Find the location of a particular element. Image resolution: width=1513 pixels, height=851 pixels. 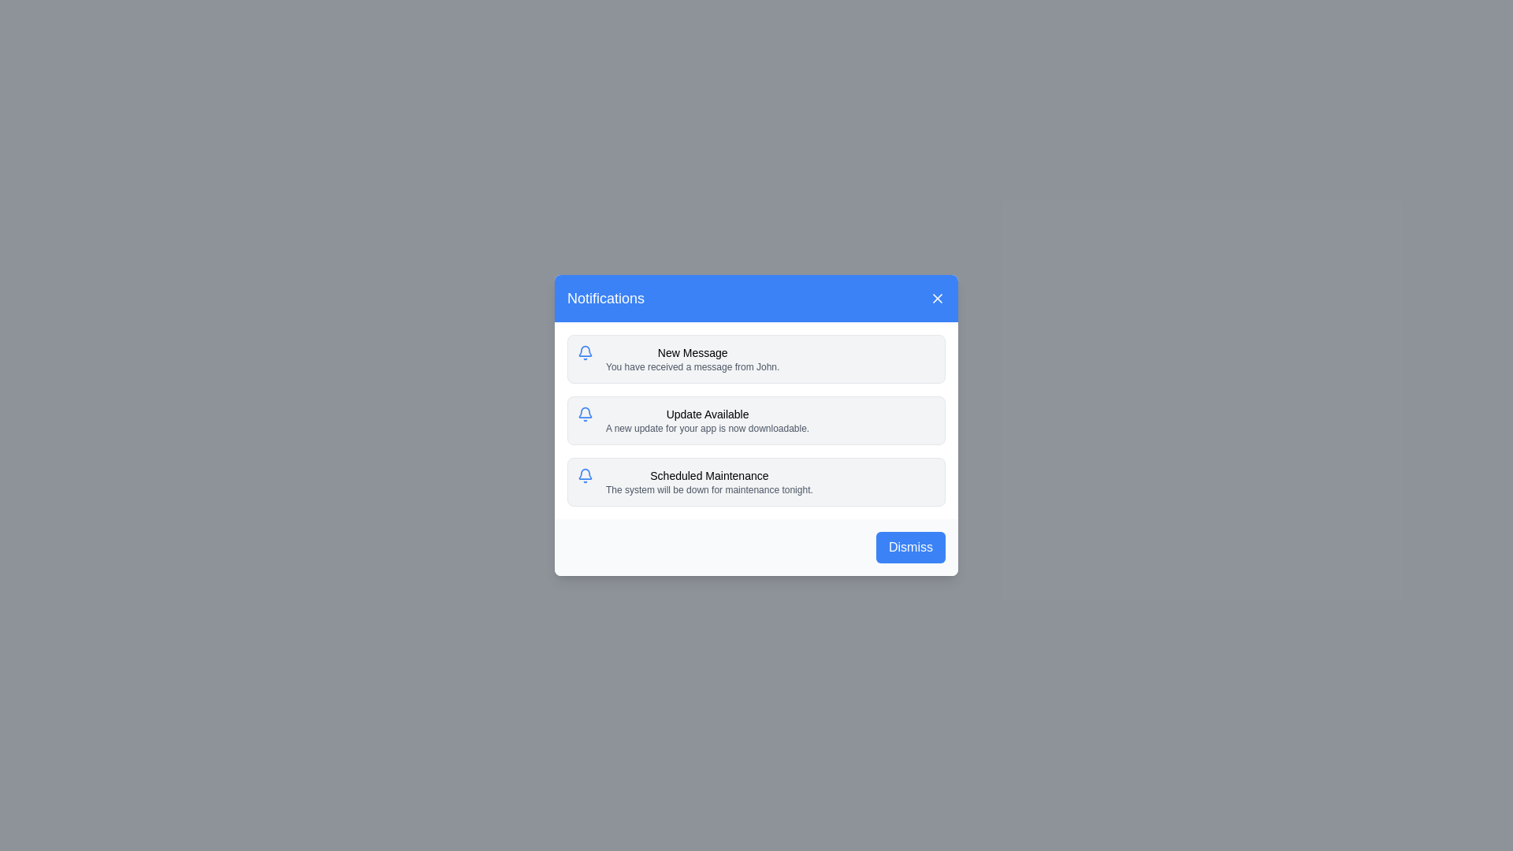

the visual appearance of the bell notification icon, which is the main body of the stylized bell located near the left side of the notification messages is located at coordinates (585, 350).